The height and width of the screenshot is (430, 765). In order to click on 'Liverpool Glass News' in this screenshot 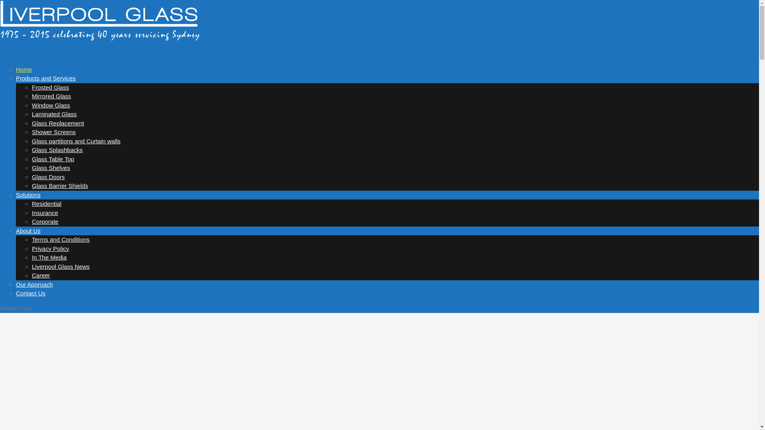, I will do `click(60, 266)`.